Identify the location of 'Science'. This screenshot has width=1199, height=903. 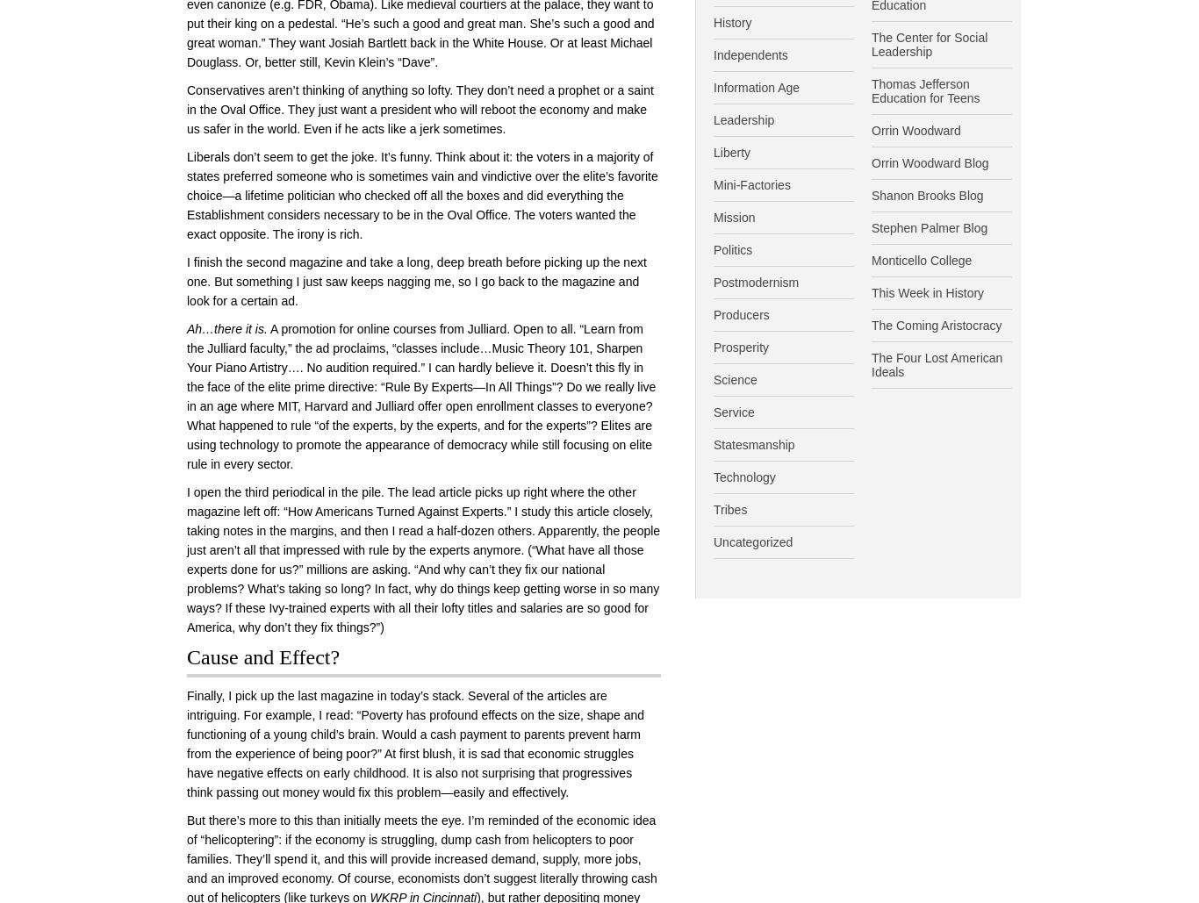
(734, 377).